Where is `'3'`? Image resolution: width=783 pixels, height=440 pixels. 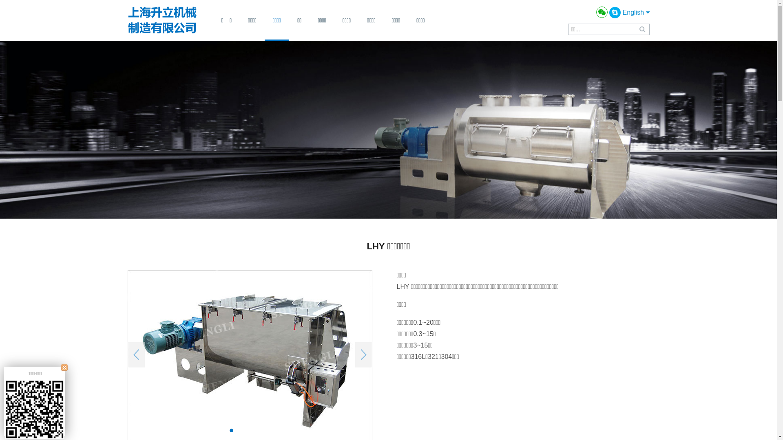
'3' is located at coordinates (256, 430).